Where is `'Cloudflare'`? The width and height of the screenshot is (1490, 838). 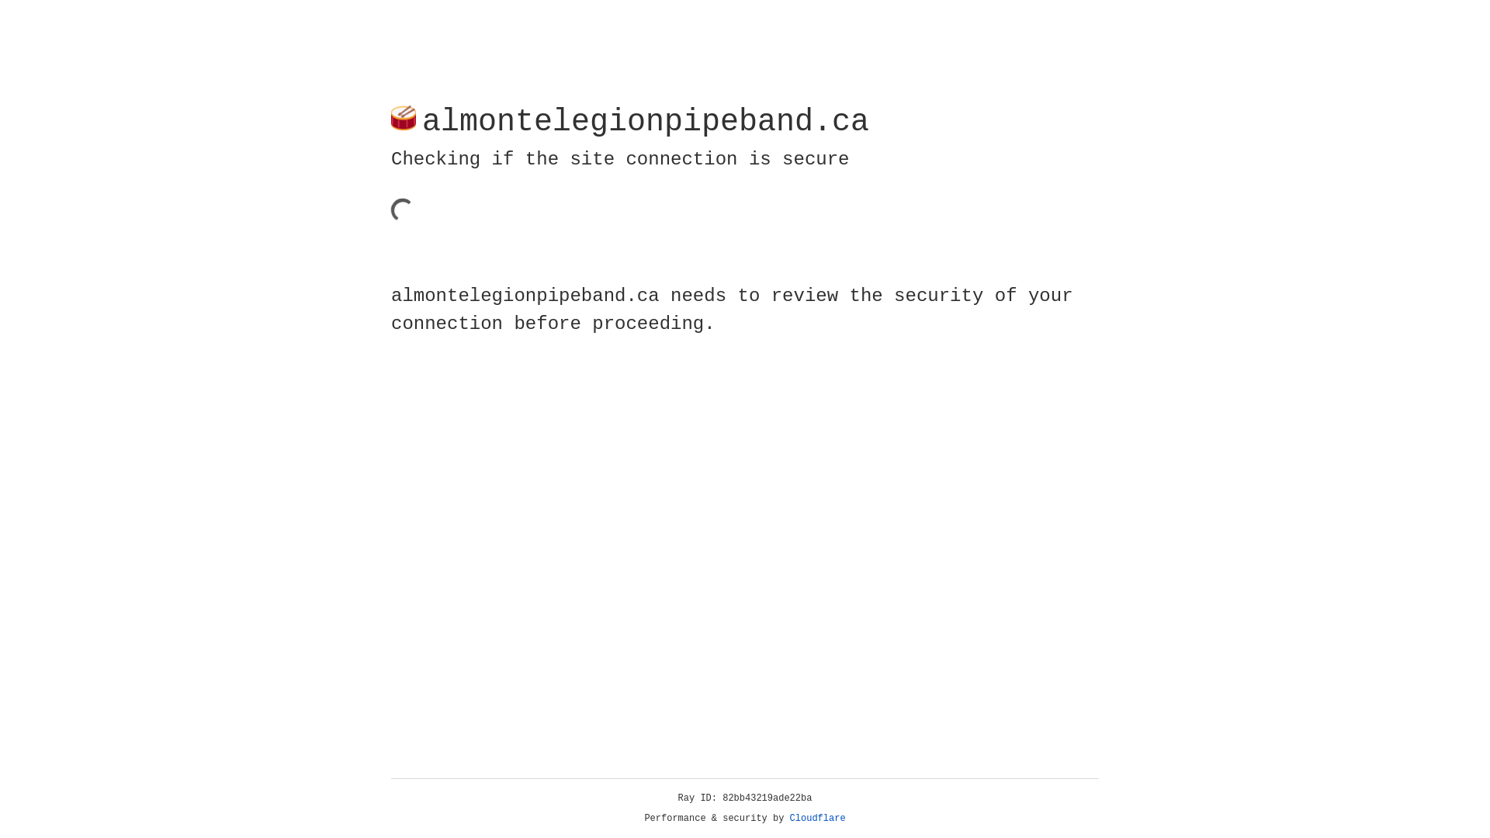 'Cloudflare' is located at coordinates (817, 818).